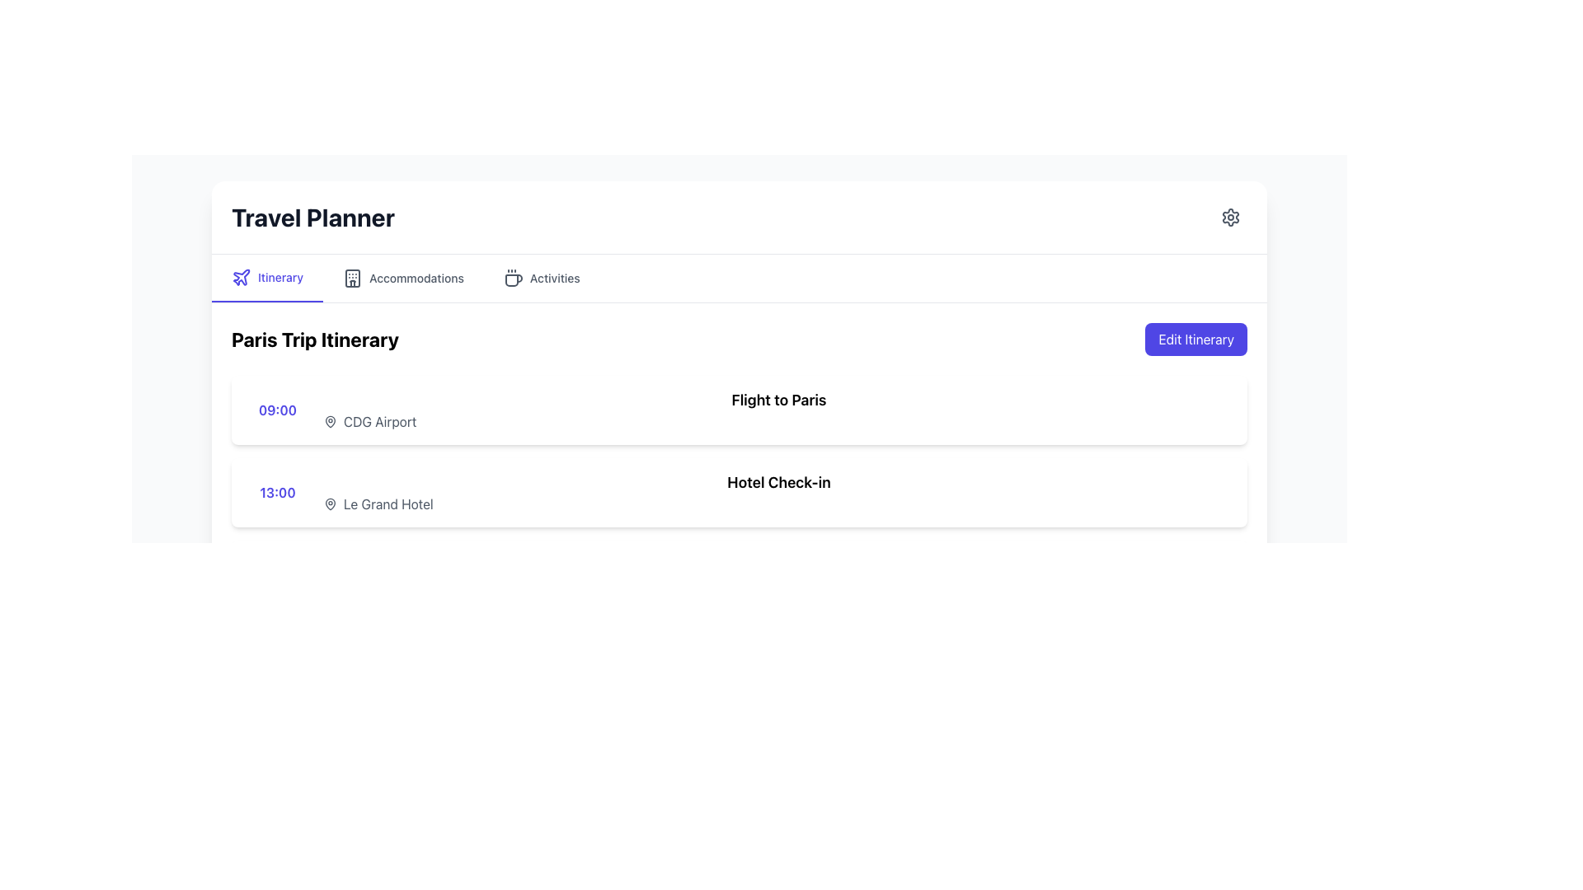 This screenshot has height=890, width=1583. Describe the element at coordinates (352, 278) in the screenshot. I see `the 'Accommodations' icon located in the top navigation bar, which is the second menu option` at that location.